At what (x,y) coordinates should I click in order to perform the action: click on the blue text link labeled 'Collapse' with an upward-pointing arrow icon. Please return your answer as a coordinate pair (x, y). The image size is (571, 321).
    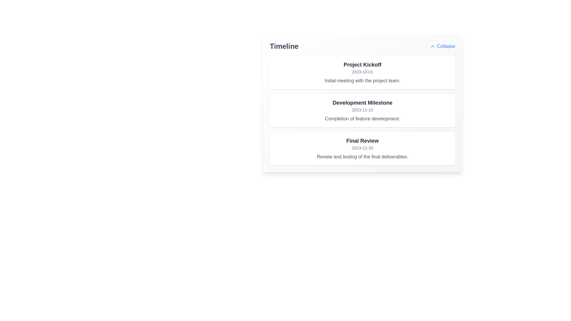
    Looking at the image, I should click on (442, 46).